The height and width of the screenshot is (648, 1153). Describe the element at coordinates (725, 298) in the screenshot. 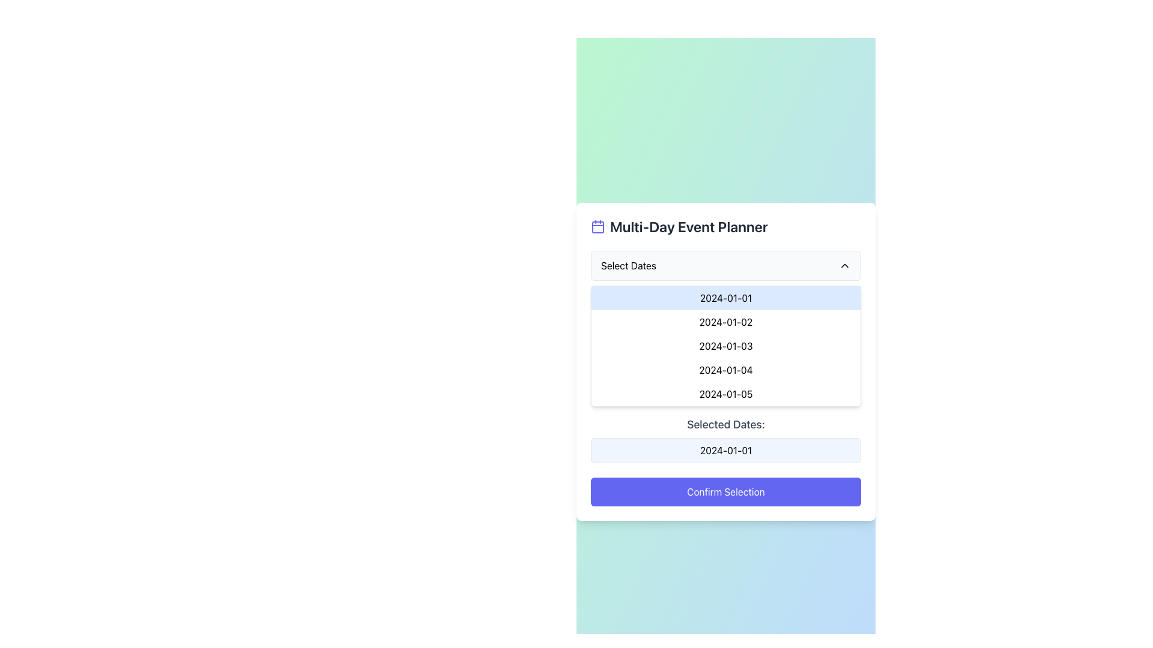

I see `the selectable item displaying the date '2024-01-01' in the dropdown menu` at that location.